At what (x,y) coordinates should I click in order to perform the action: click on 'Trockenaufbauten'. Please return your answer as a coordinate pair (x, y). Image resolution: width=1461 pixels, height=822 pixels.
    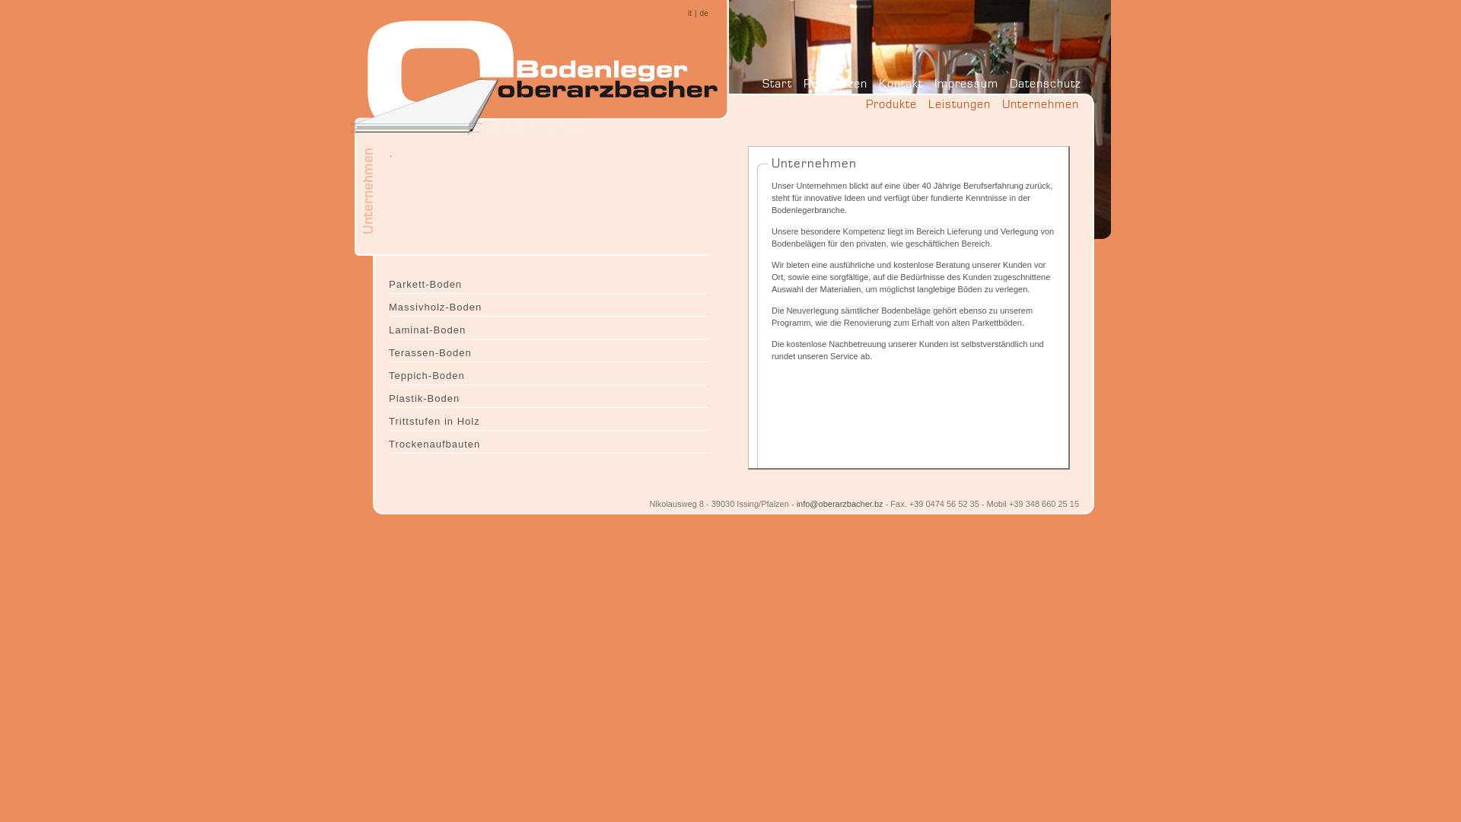
    Looking at the image, I should click on (548, 442).